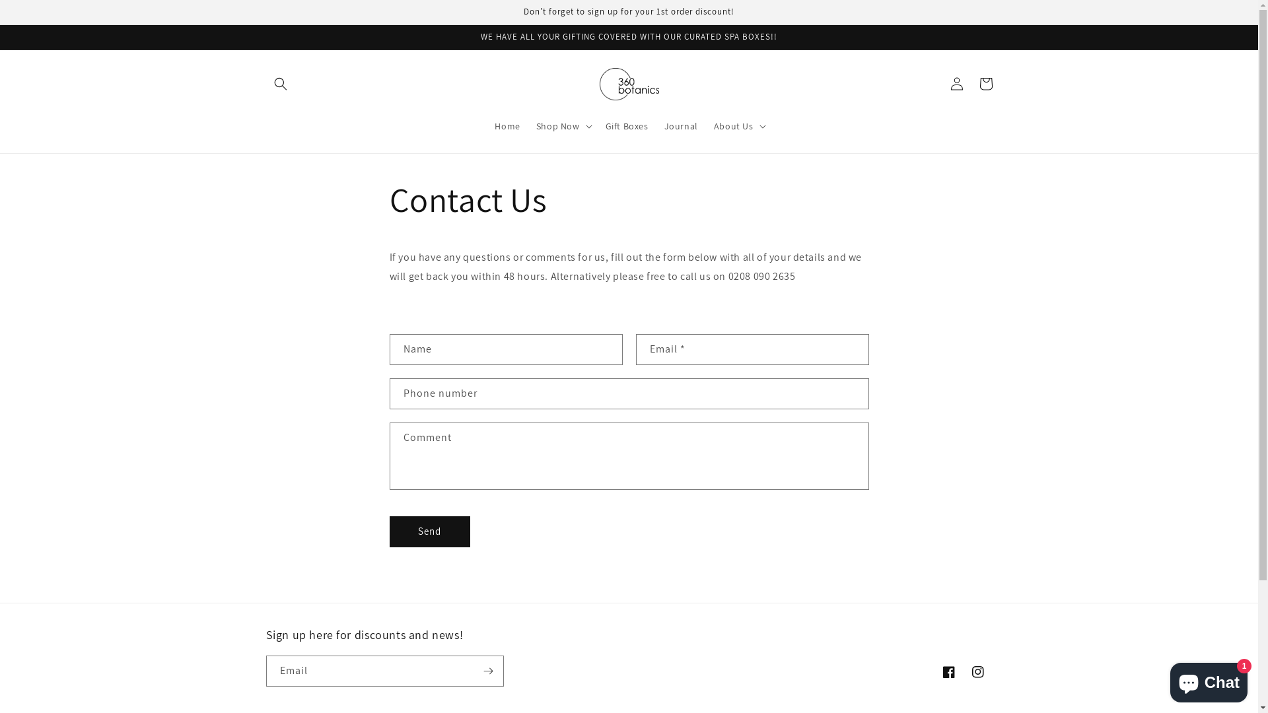  What do you see at coordinates (430, 531) in the screenshot?
I see `'Send'` at bounding box center [430, 531].